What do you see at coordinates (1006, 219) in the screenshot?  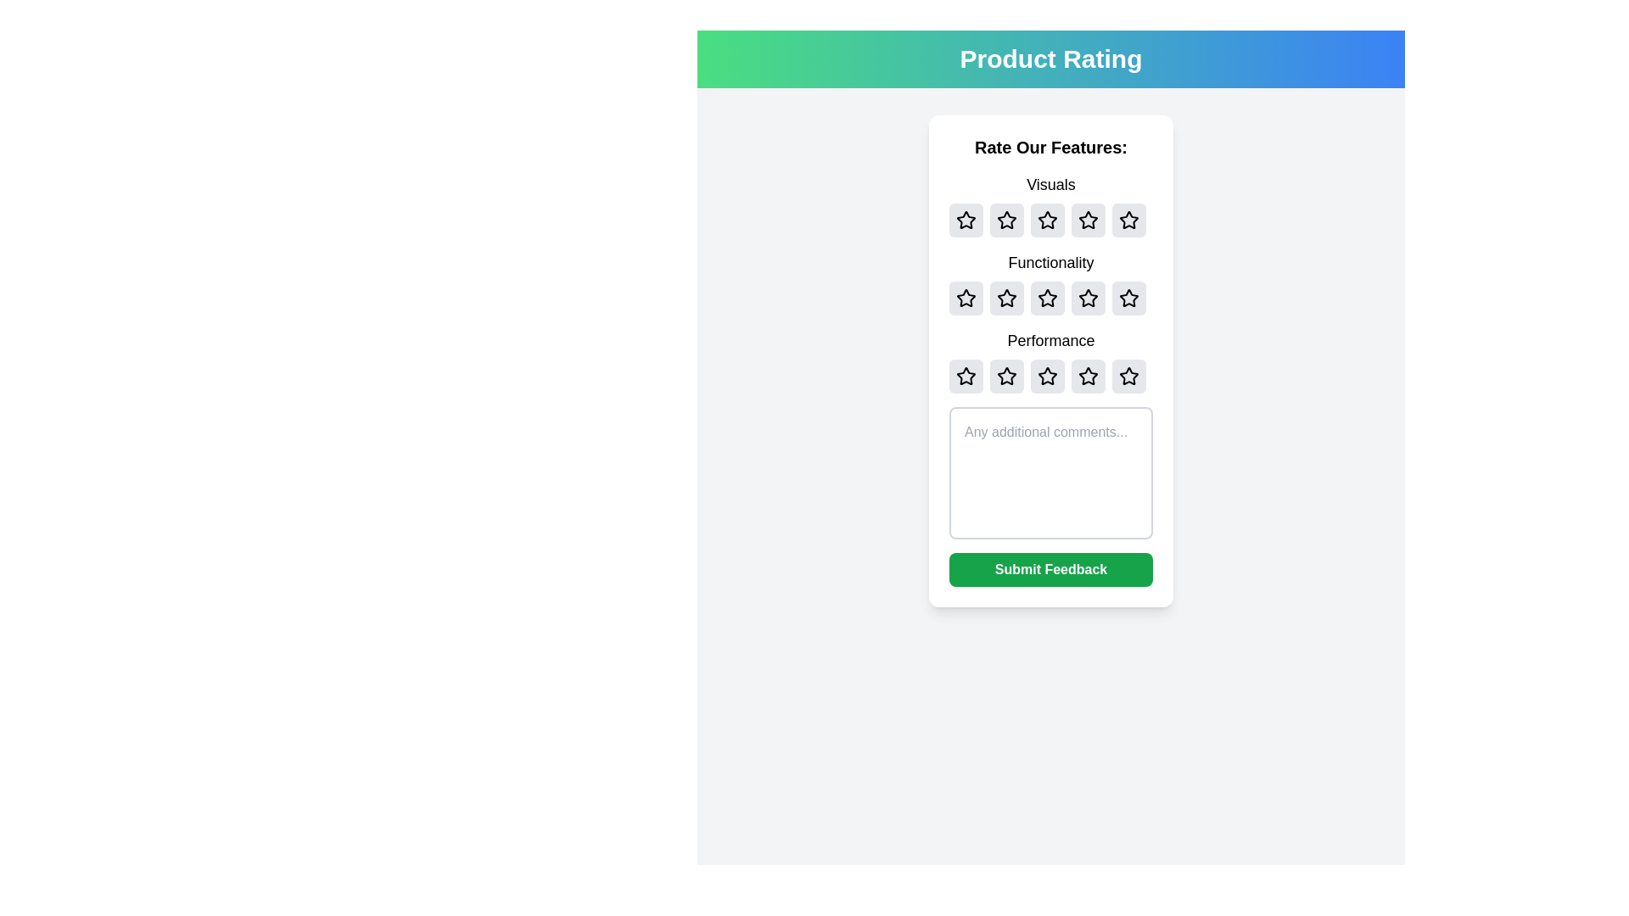 I see `the second star icon in the 'Visuals' rating row` at bounding box center [1006, 219].